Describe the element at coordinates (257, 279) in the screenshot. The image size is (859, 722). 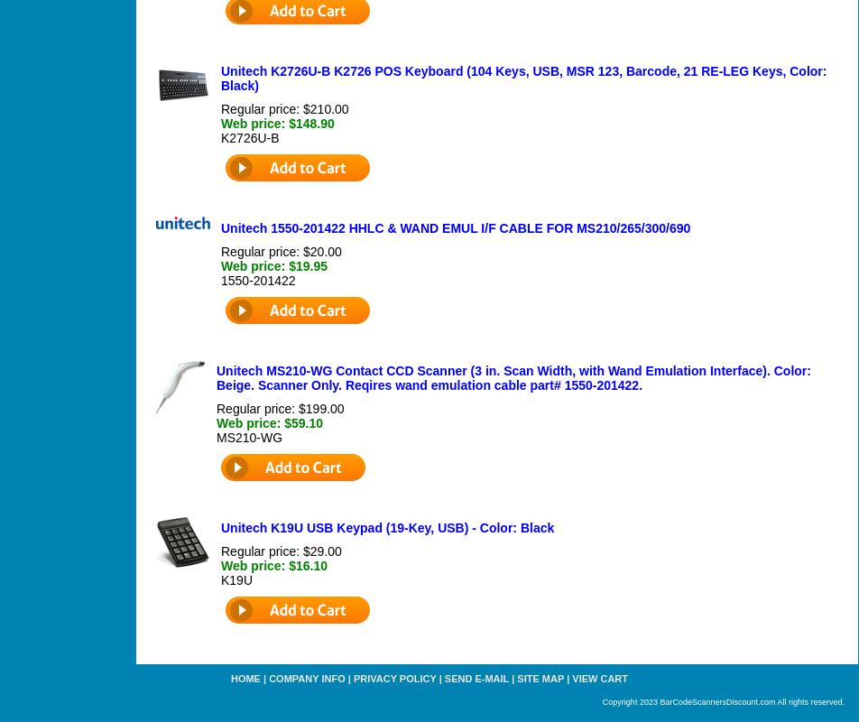
I see `'1550-201422'` at that location.